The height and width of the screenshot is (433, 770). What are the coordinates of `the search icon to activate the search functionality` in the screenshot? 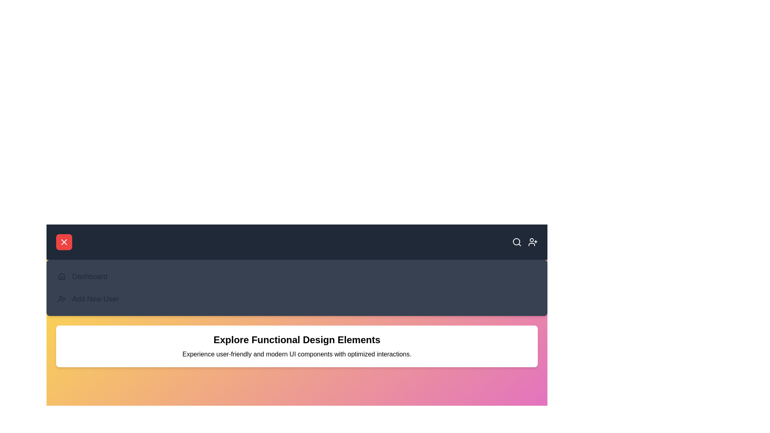 It's located at (517, 242).